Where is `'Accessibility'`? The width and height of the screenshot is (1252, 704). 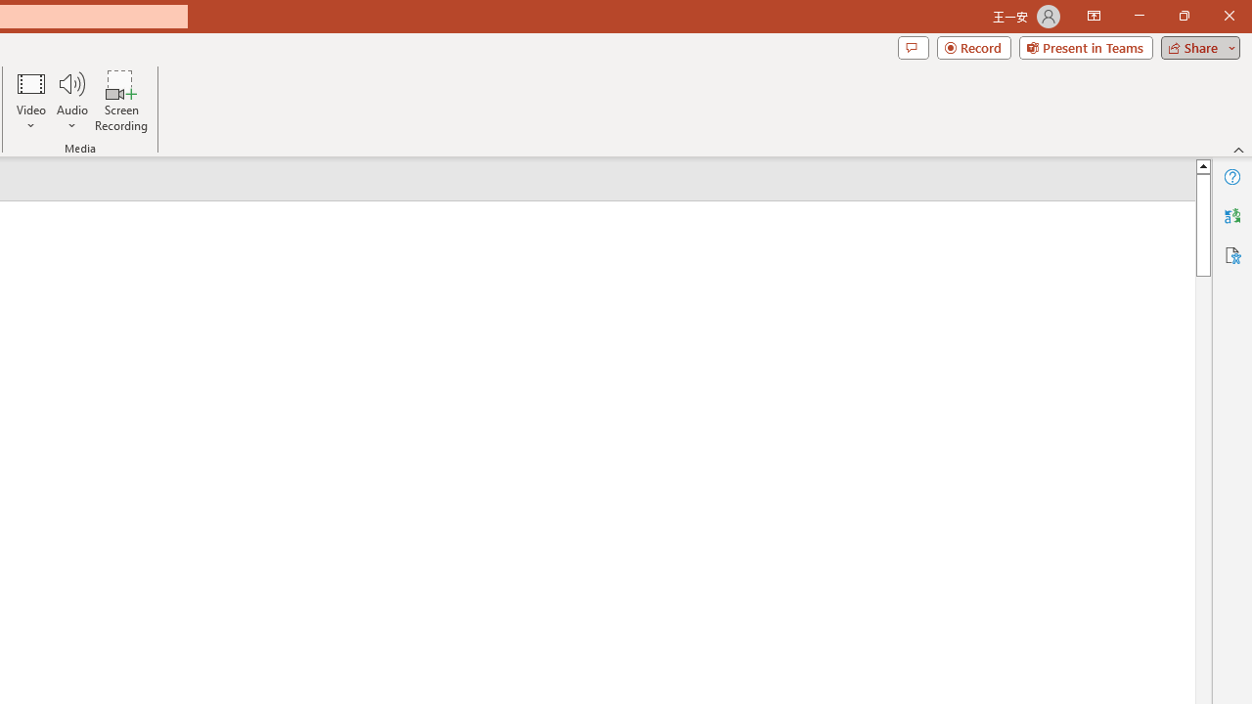 'Accessibility' is located at coordinates (1231, 254).